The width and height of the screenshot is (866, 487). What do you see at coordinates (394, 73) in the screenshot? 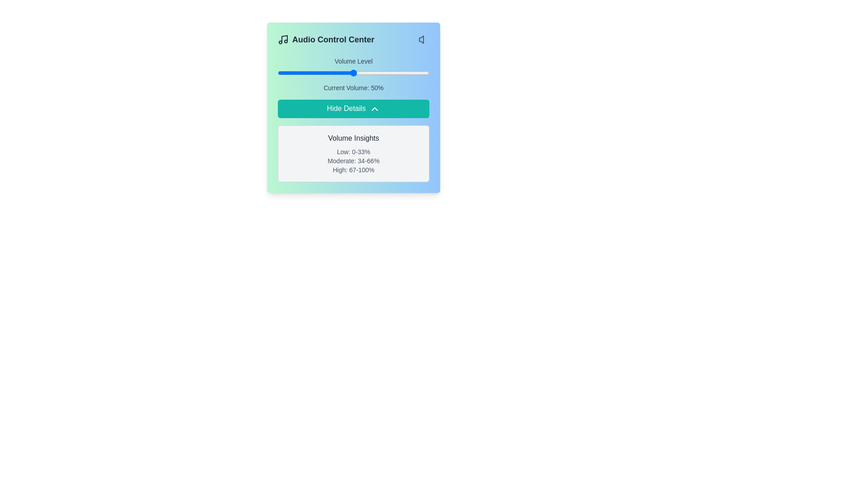
I see `the volume slider to set the volume to 77%` at bounding box center [394, 73].